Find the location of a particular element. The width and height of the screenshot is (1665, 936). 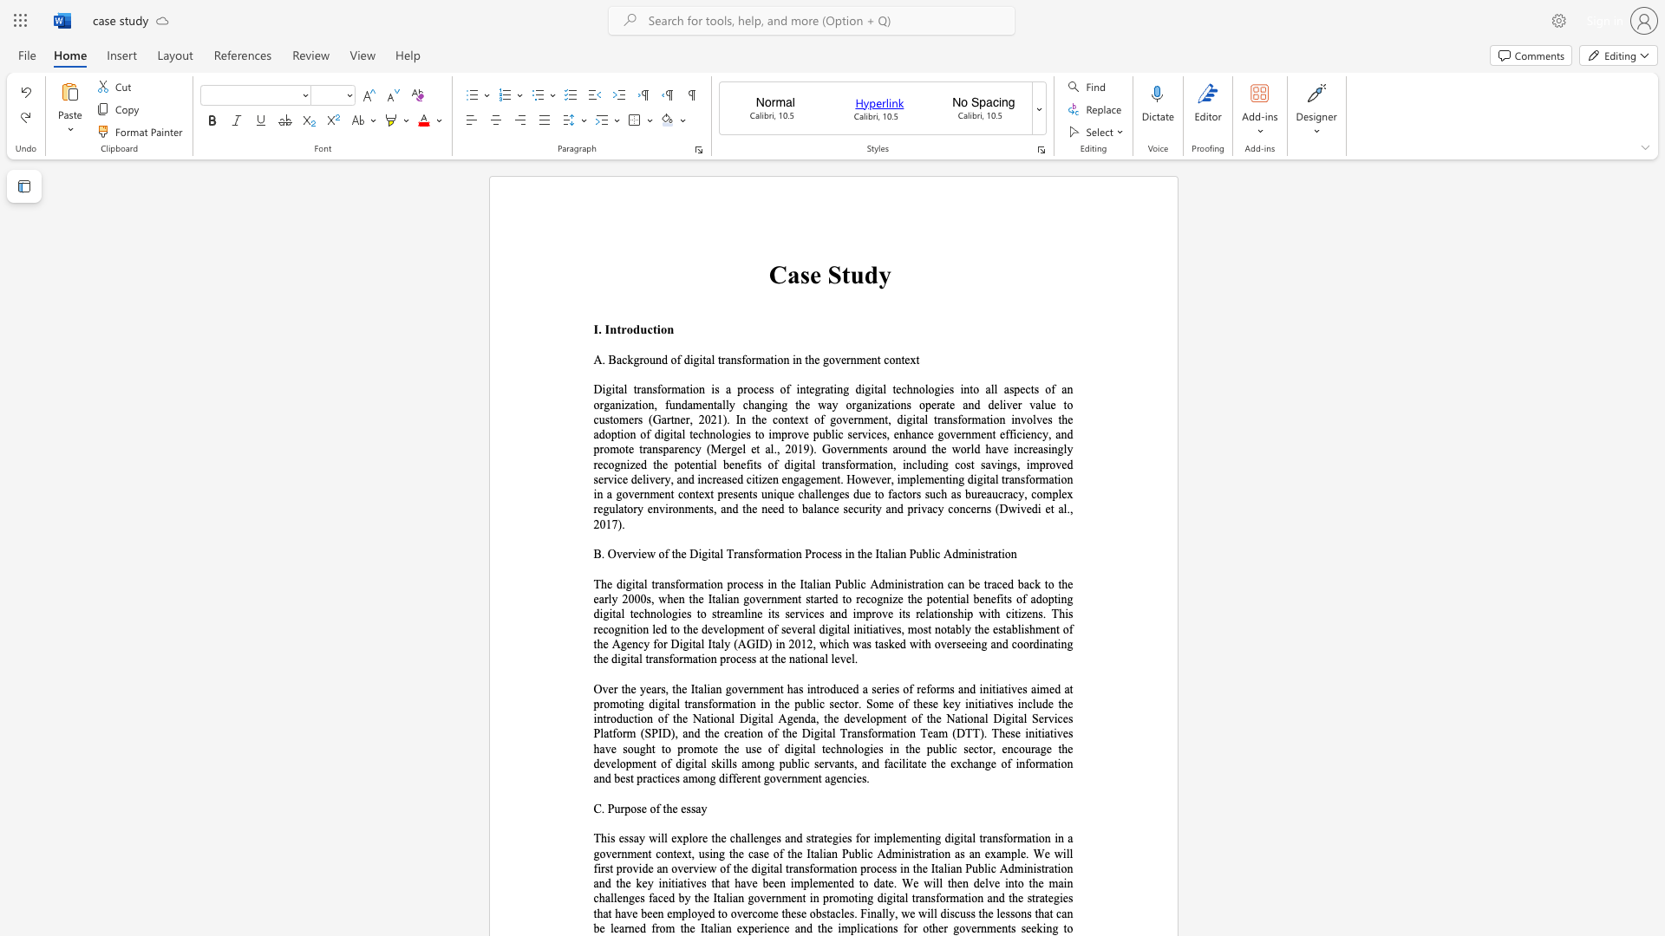

the 4th character "t" in the text is located at coordinates (859, 554).